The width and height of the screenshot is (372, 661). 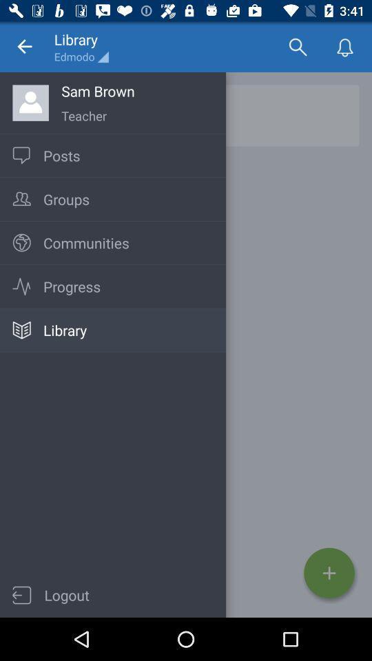 I want to click on the icon right to the search icon, so click(x=344, y=46).